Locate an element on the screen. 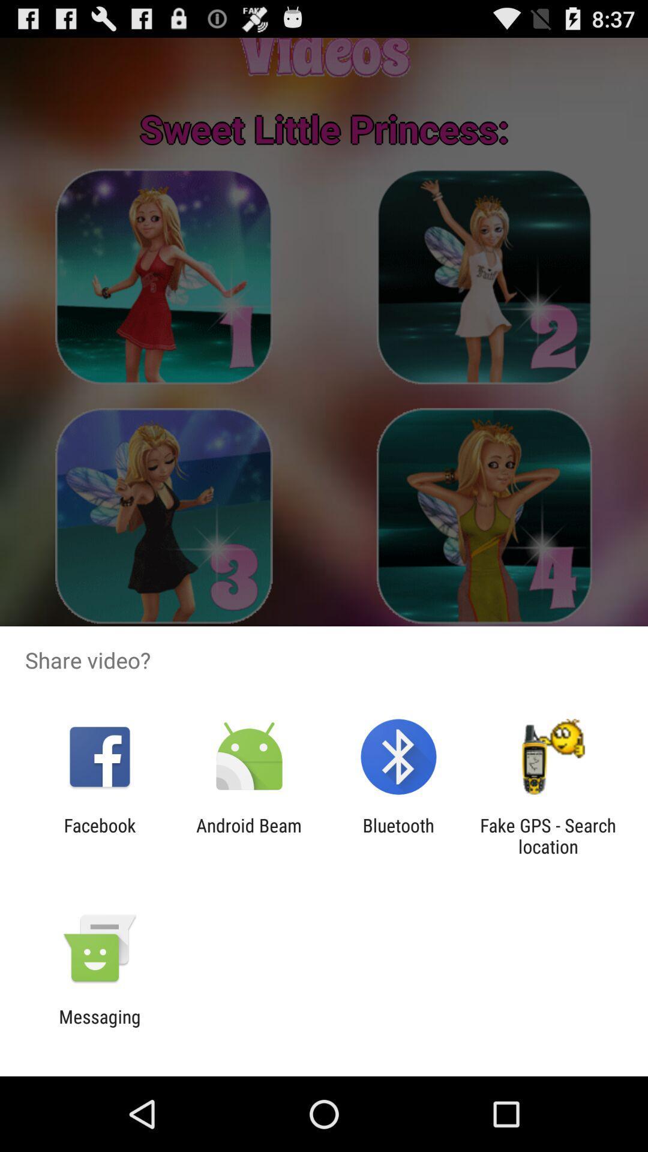 The image size is (648, 1152). app next to the android beam app is located at coordinates (99, 835).